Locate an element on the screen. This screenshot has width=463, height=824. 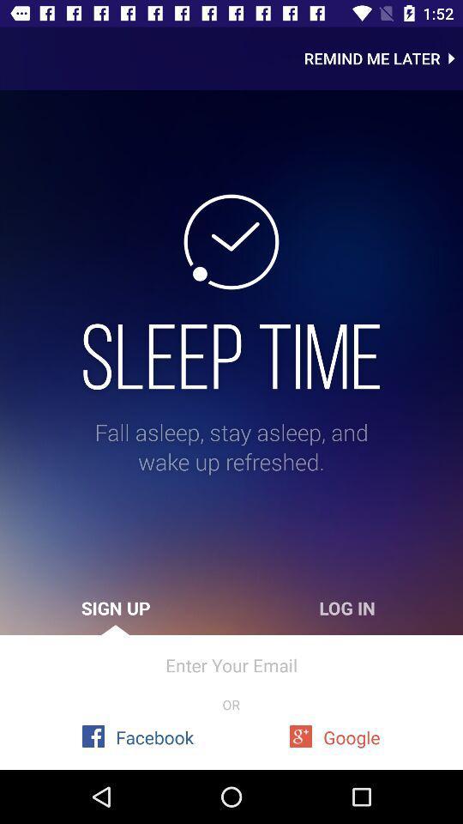
enter your email is located at coordinates (231, 664).